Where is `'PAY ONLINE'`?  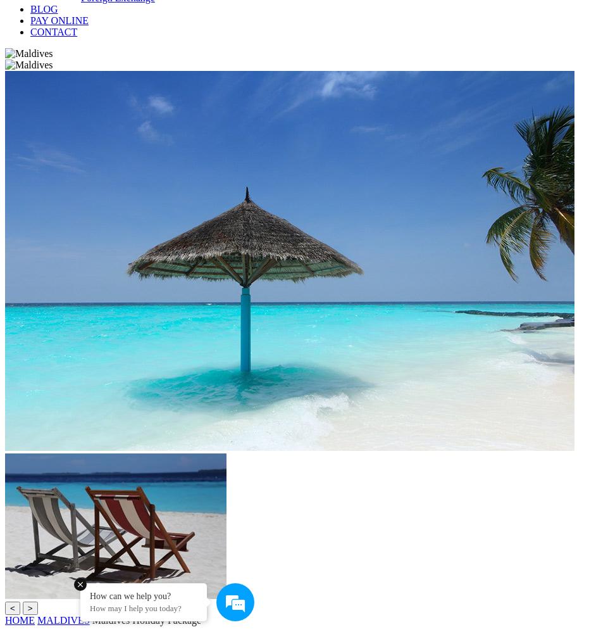
'PAY ONLINE' is located at coordinates (59, 20).